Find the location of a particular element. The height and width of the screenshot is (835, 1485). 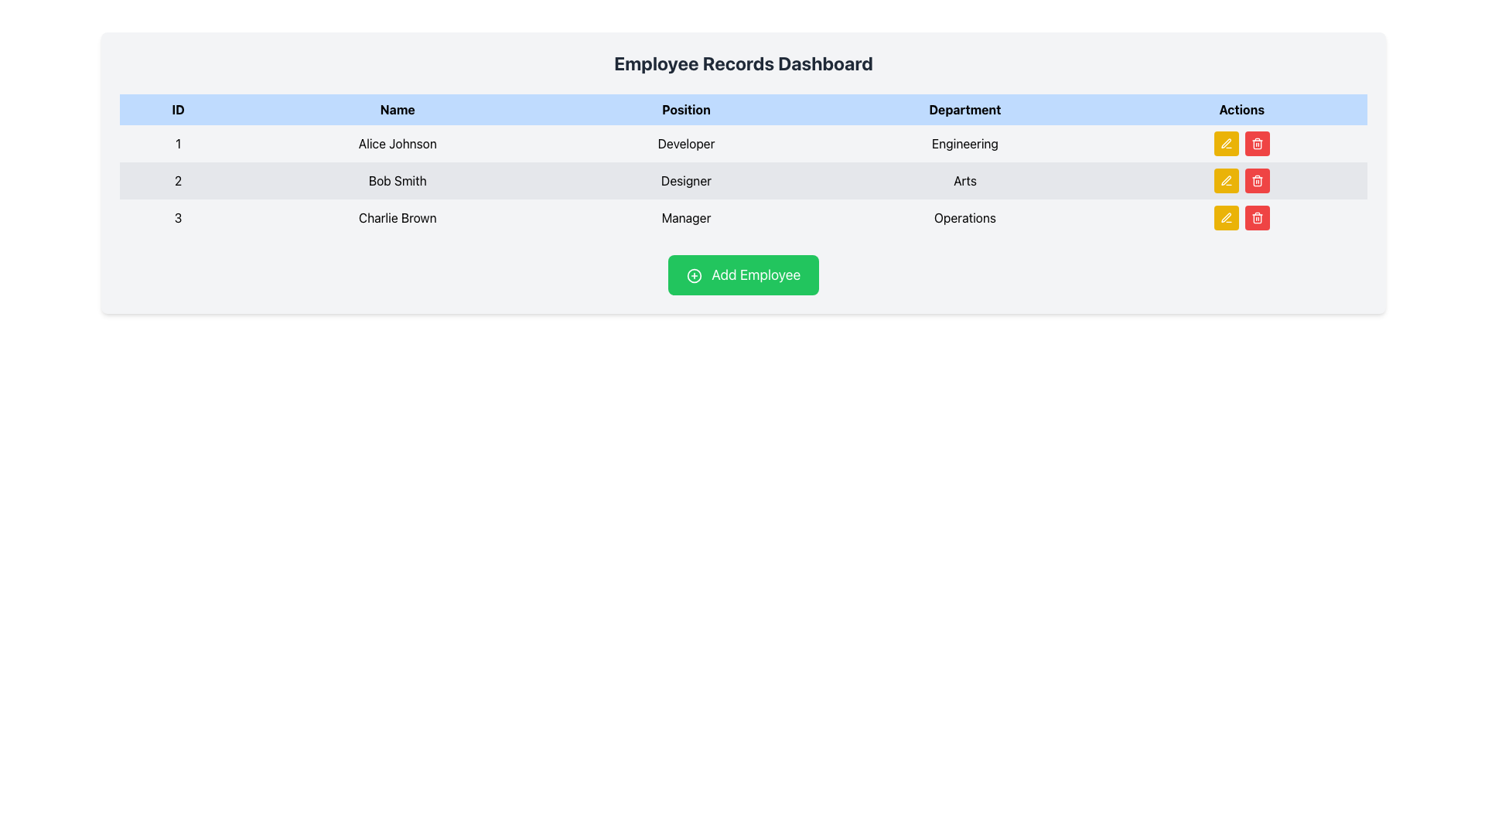

the red button with a trash icon in the 'Actions' column of the row for 'Bob Smith' is located at coordinates (1257, 180).